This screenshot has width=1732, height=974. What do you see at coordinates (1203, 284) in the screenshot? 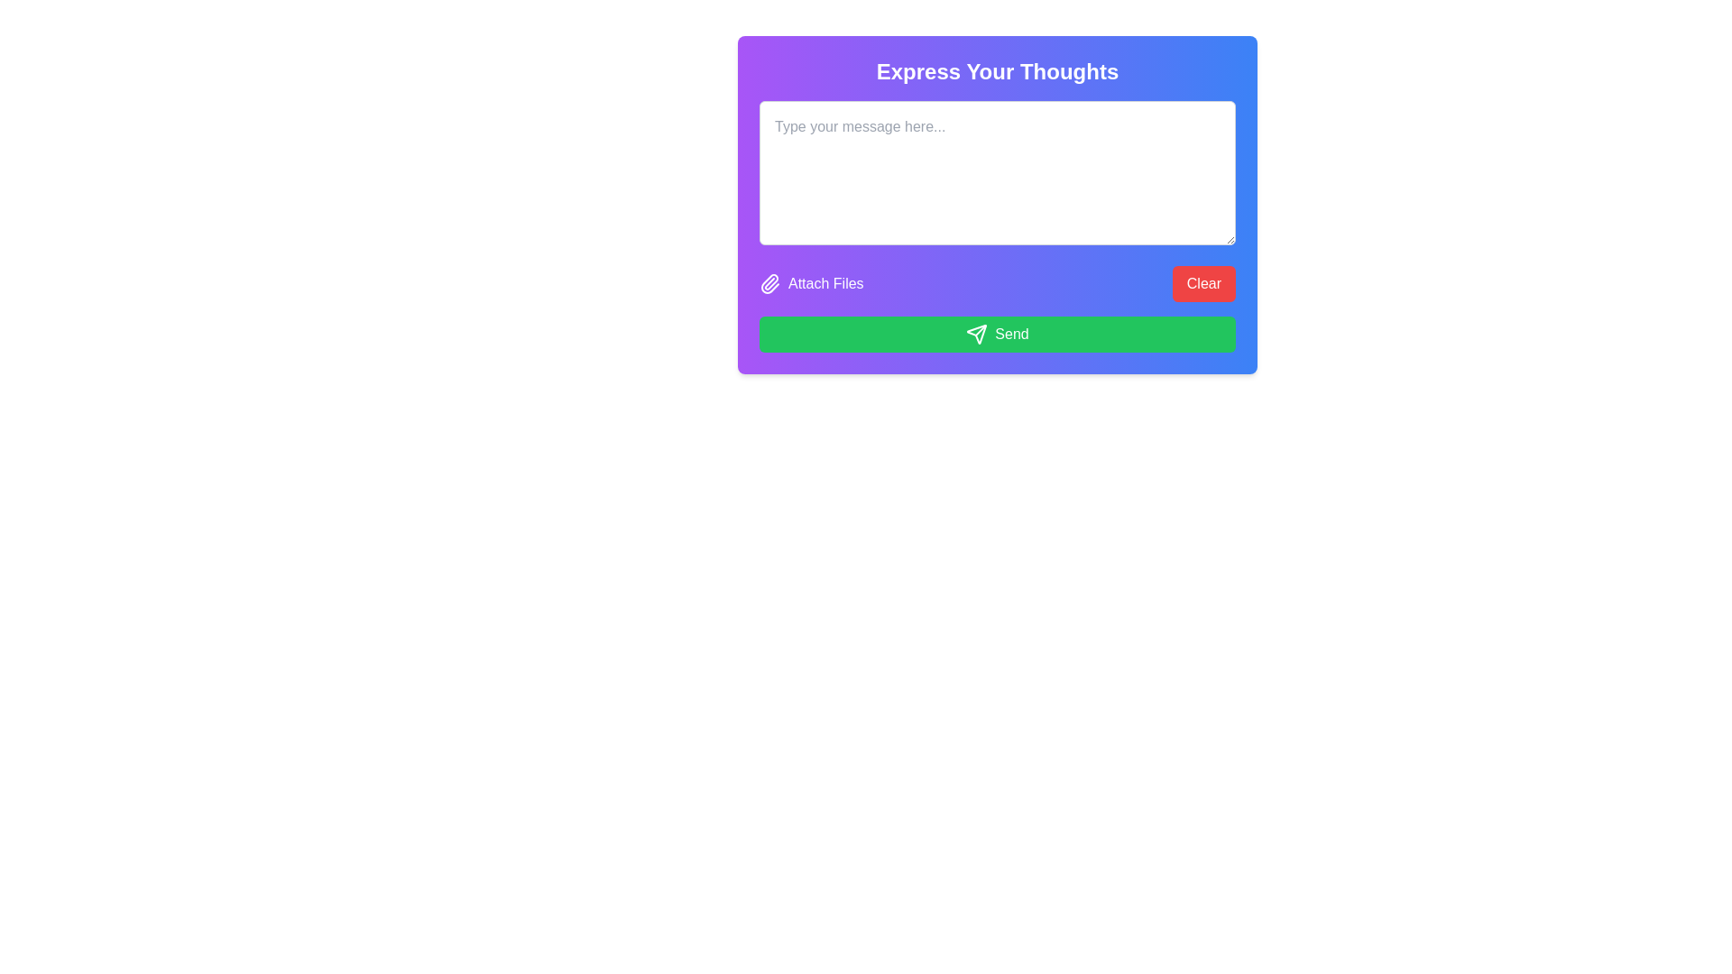
I see `the red rectangular 'Clear' button with rounded edges located on the right side below the text input area` at bounding box center [1203, 284].